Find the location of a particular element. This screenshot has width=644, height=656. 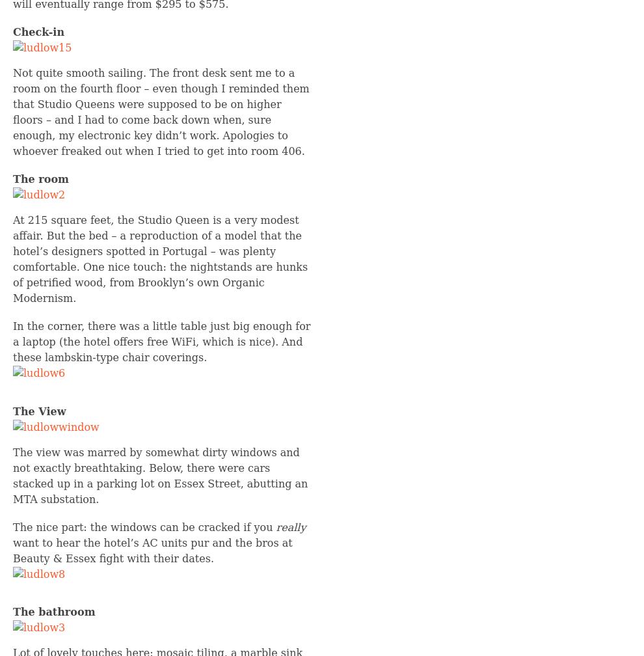

'want to hear the hotel’s AC units pur and the bros at Beauty & Essex fight with their dates.' is located at coordinates (152, 550).